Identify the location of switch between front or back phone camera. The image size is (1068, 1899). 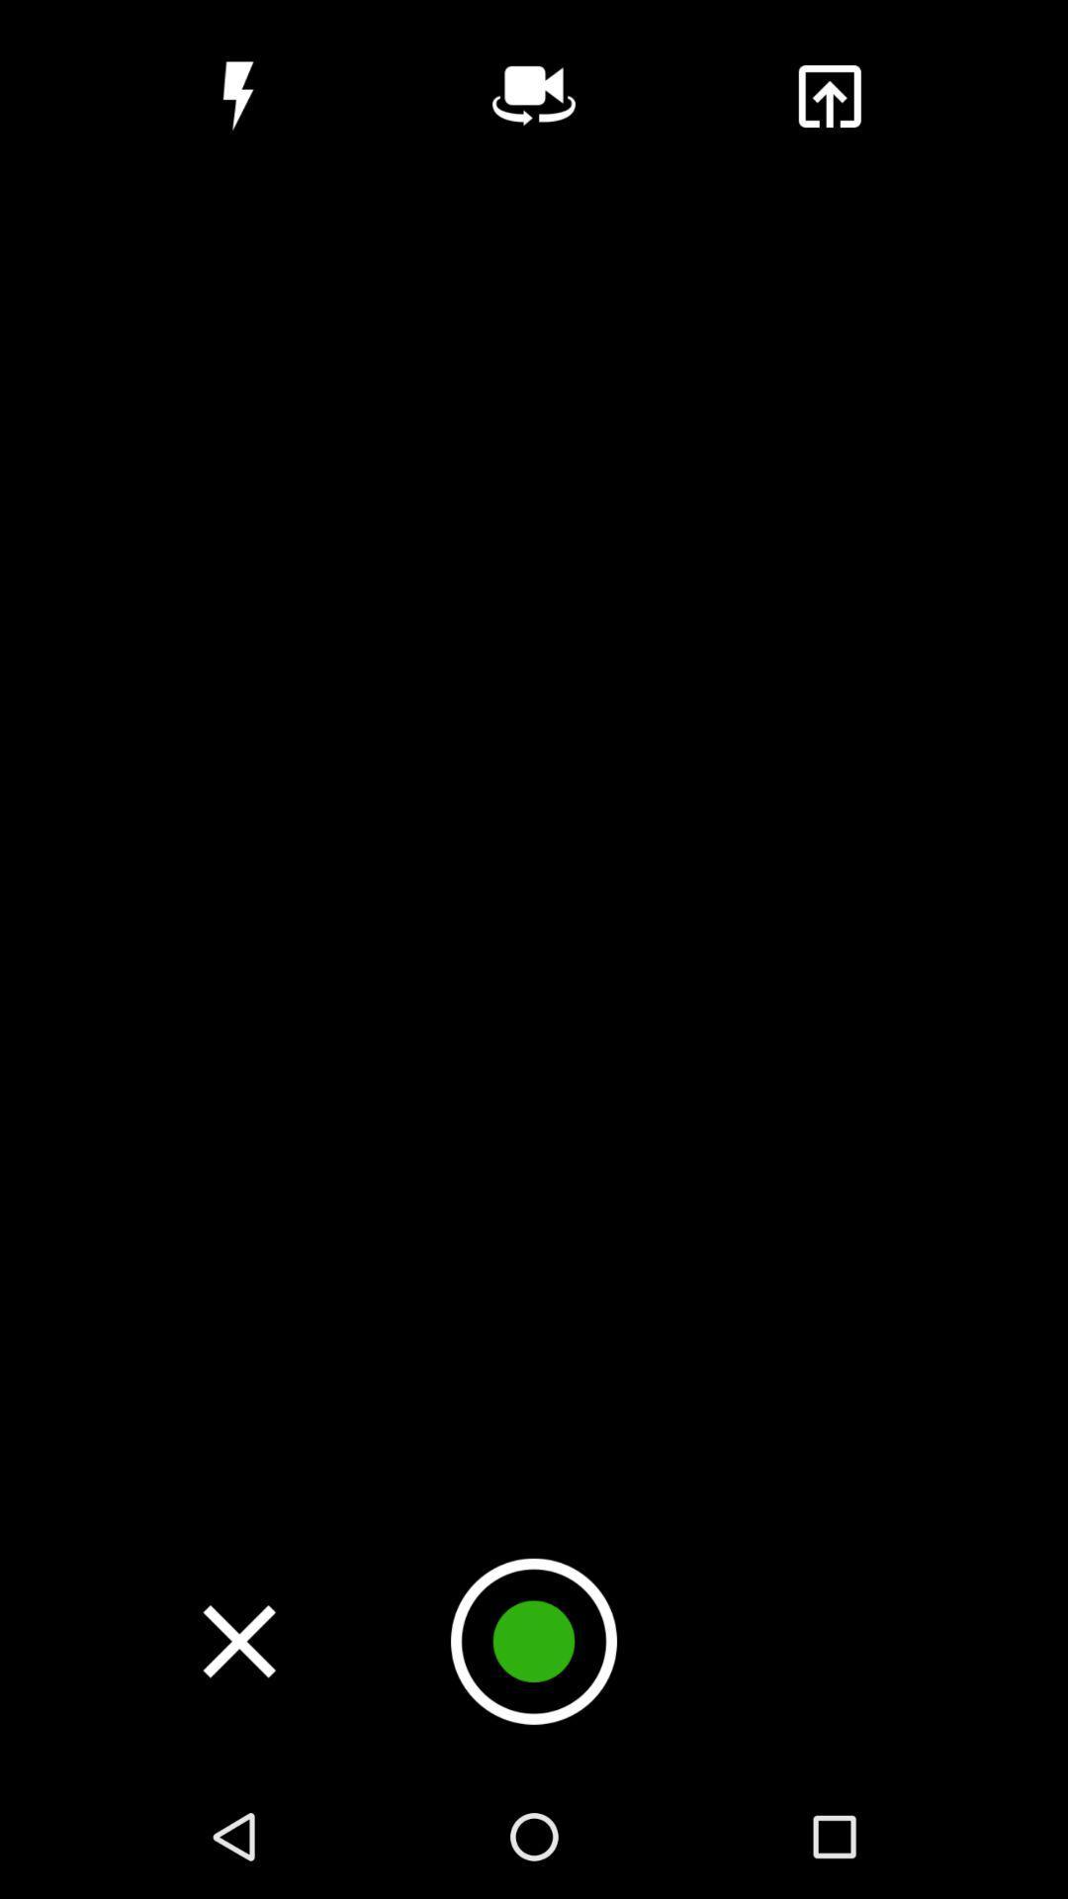
(534, 95).